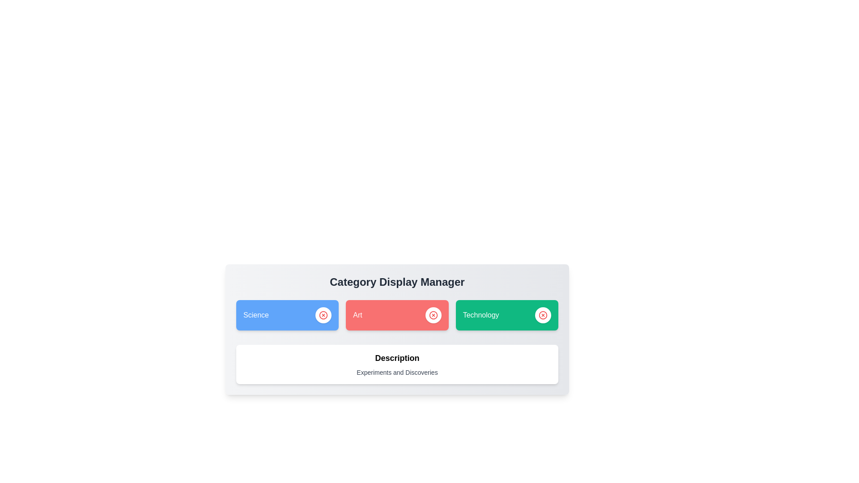  What do you see at coordinates (507, 315) in the screenshot?
I see `the category Technology to display its description` at bounding box center [507, 315].